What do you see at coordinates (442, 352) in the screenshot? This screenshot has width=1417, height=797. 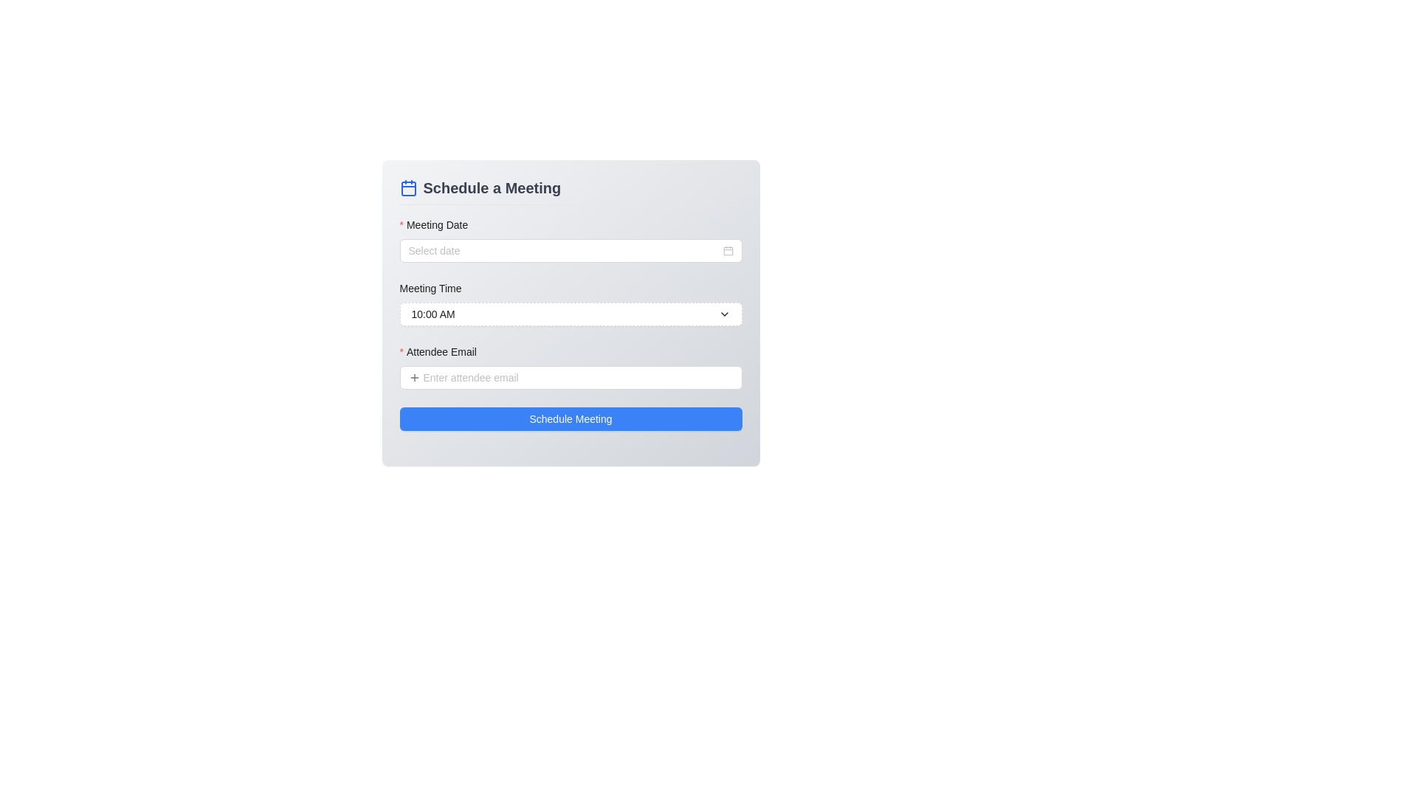 I see `the label for the attendee email input field in the 'Schedule a Meeting' form, which indicates the purpose of the input and that it is required` at bounding box center [442, 352].